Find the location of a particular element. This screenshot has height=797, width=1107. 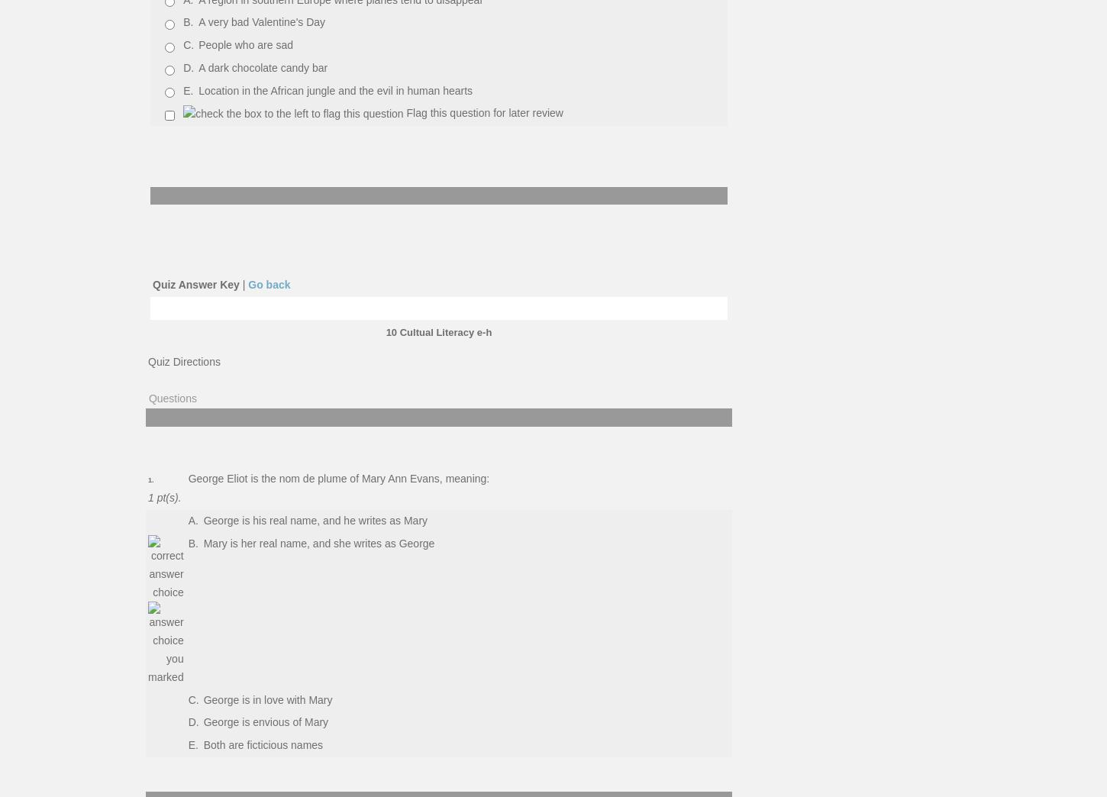

'Both are ficticious names' is located at coordinates (202, 744).